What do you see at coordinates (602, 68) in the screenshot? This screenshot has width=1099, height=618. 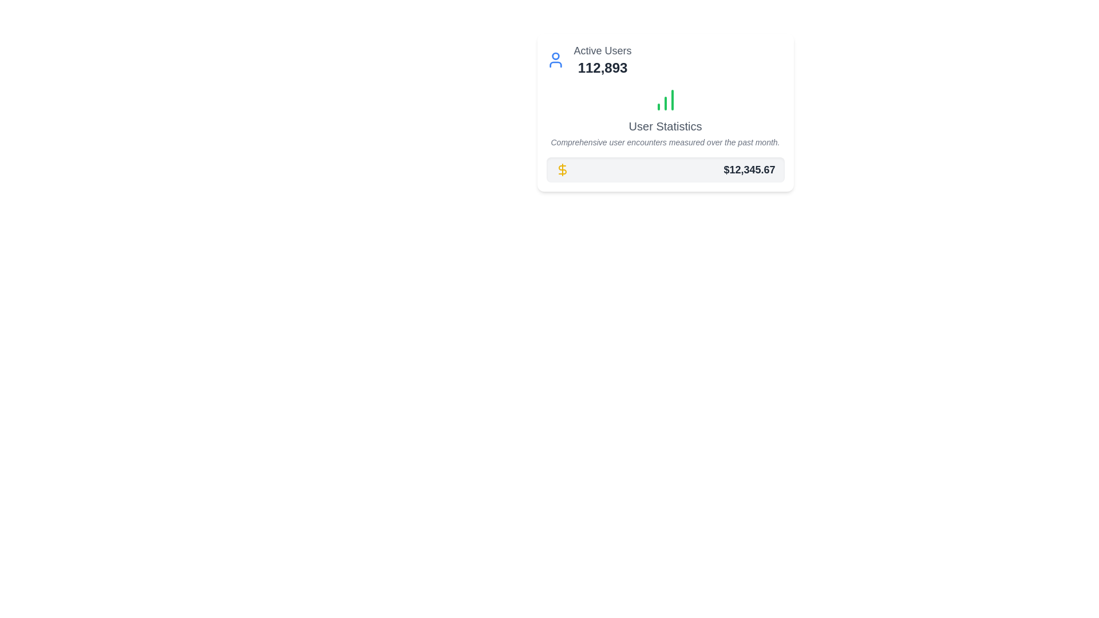 I see `the Text label displaying the count of active users, positioned below the 'Active Users' text and adjacent to the user icon` at bounding box center [602, 68].